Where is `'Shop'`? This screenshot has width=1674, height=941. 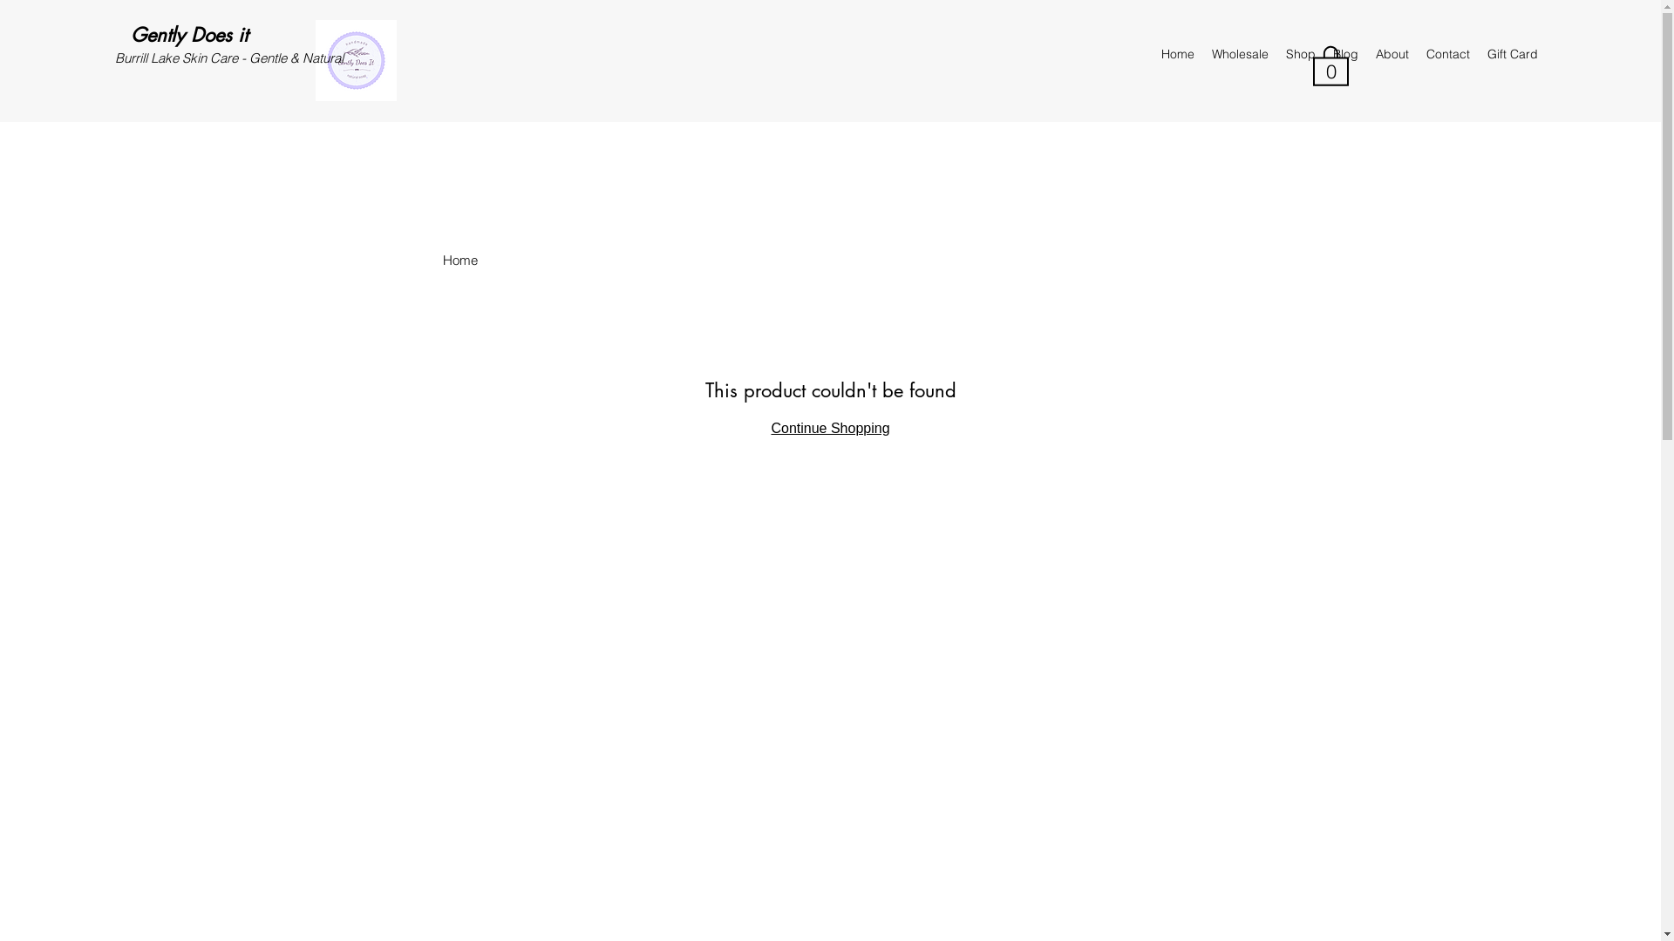 'Shop' is located at coordinates (1301, 52).